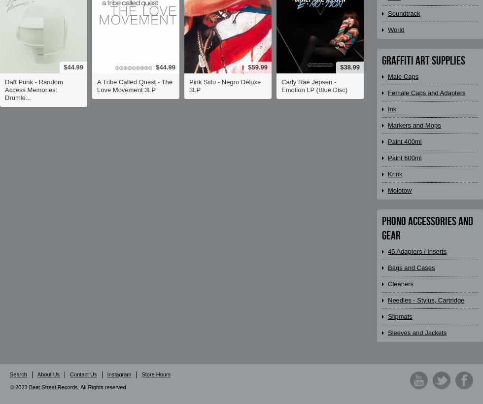  Describe the element at coordinates (395, 173) in the screenshot. I see `'Krink'` at that location.